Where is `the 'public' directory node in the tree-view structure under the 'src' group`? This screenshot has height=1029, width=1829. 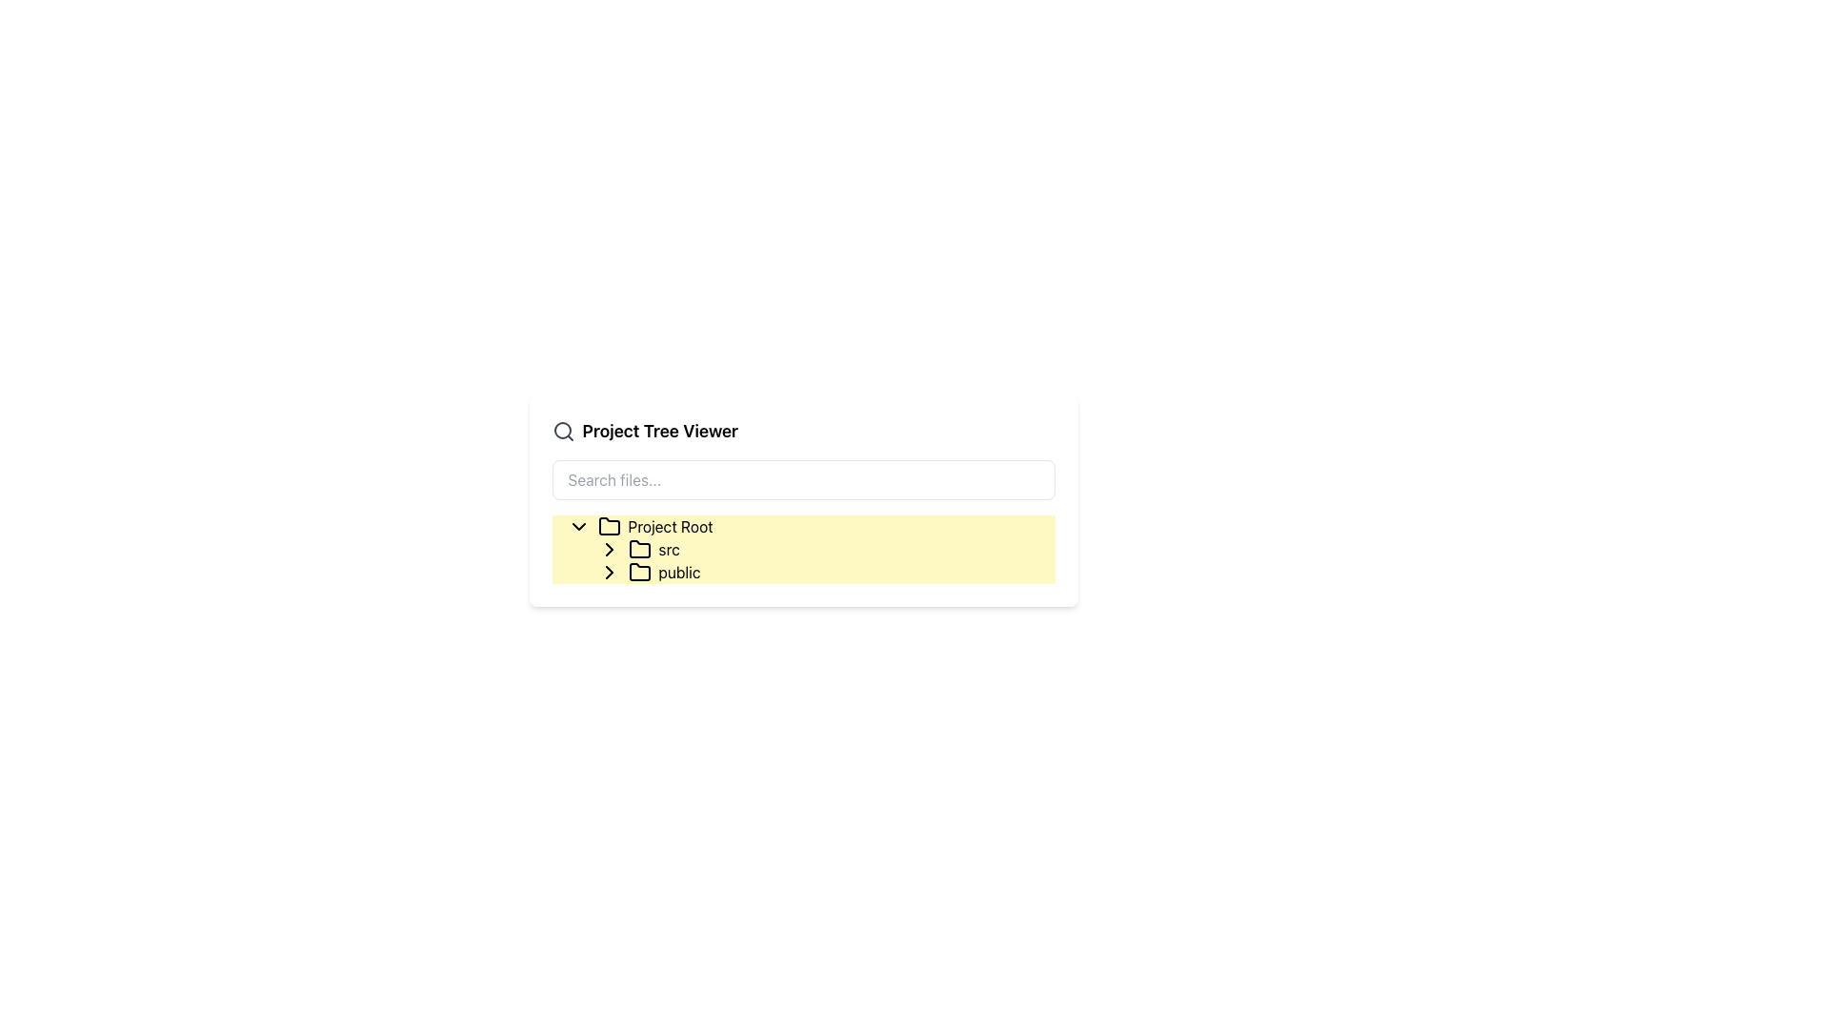
the 'public' directory node in the tree-view structure under the 'src' group is located at coordinates (818, 572).